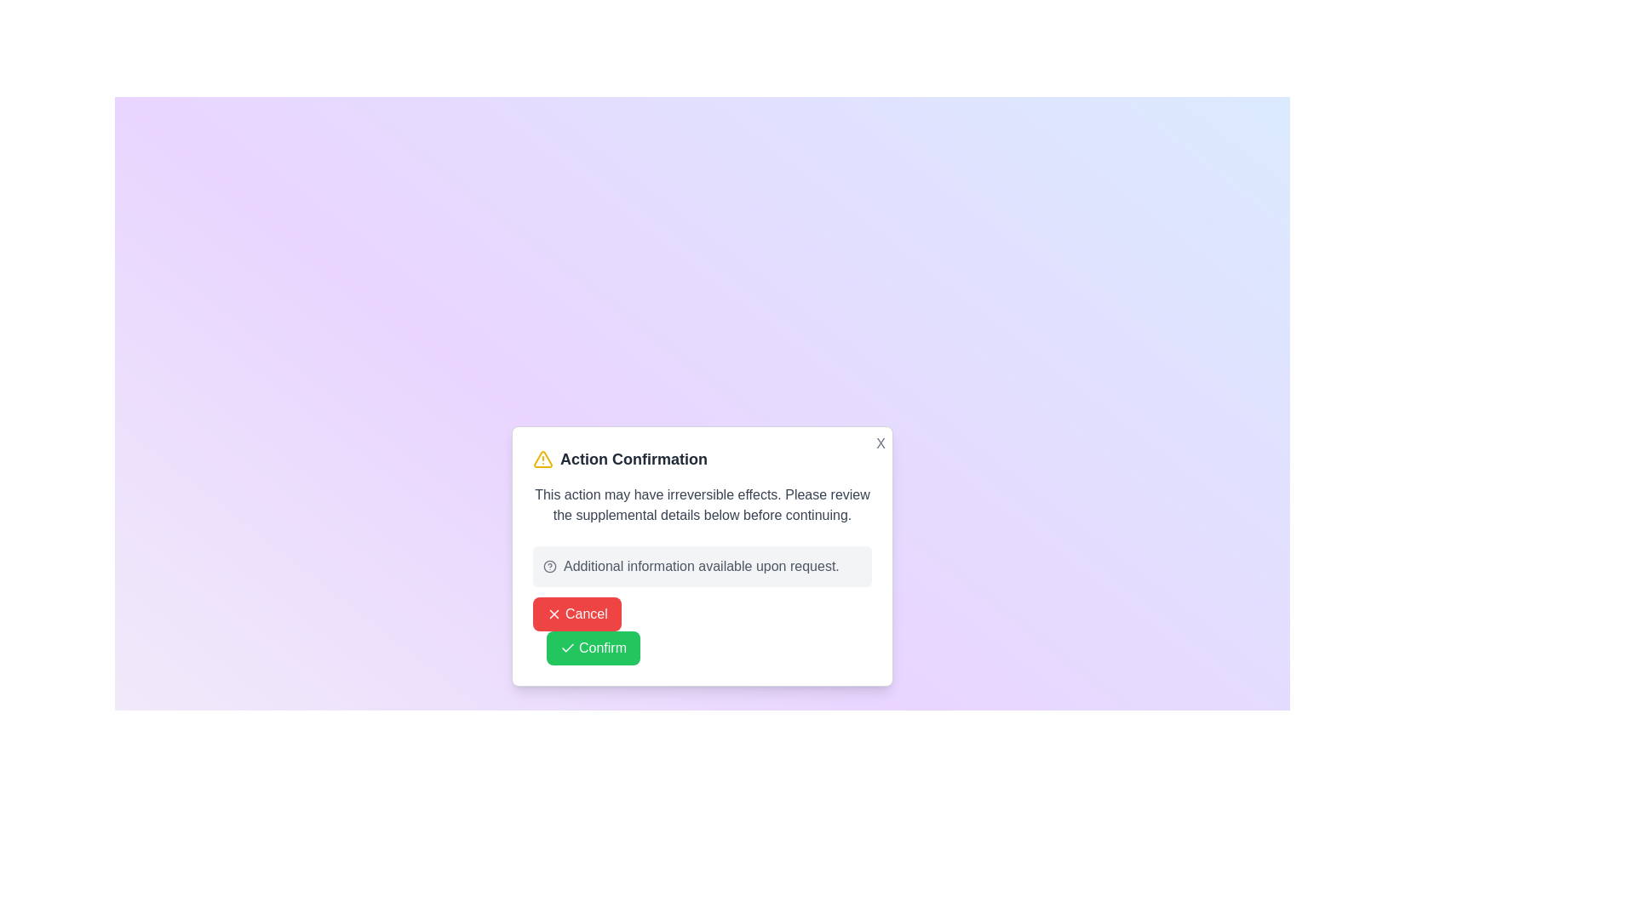  What do you see at coordinates (703, 505) in the screenshot?
I see `message displayed in the Text Description below the 'Action Confirmation' header in the confirmation dialog` at bounding box center [703, 505].